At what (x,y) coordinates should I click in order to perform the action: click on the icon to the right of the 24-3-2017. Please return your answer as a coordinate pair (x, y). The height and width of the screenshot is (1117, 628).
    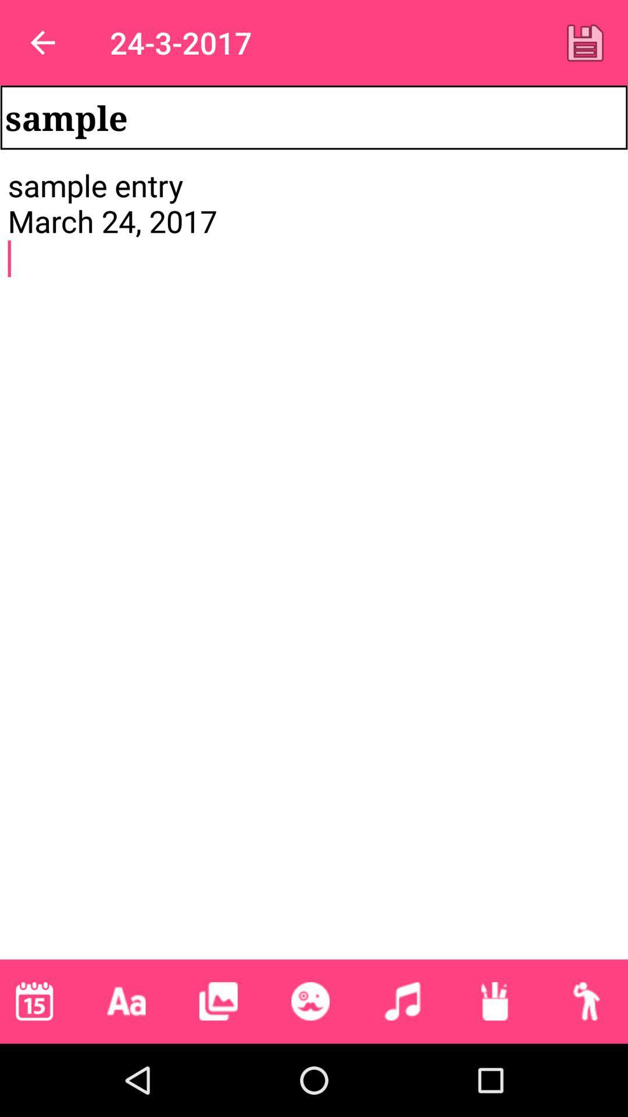
    Looking at the image, I should click on (585, 42).